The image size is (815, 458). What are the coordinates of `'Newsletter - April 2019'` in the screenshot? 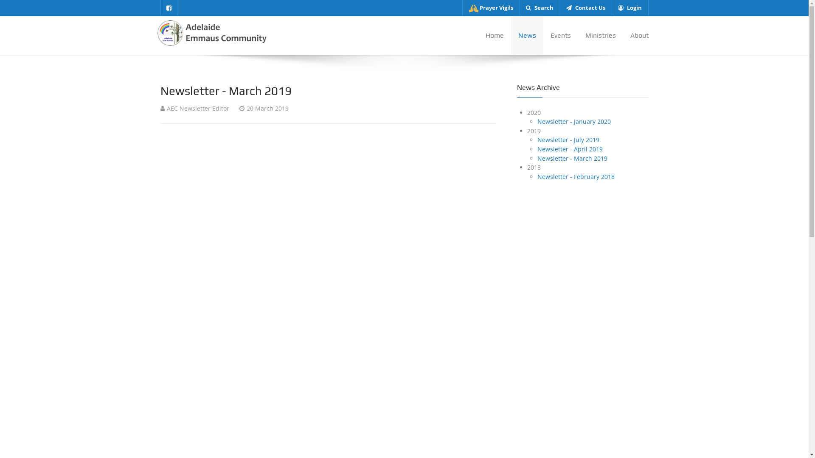 It's located at (570, 148).